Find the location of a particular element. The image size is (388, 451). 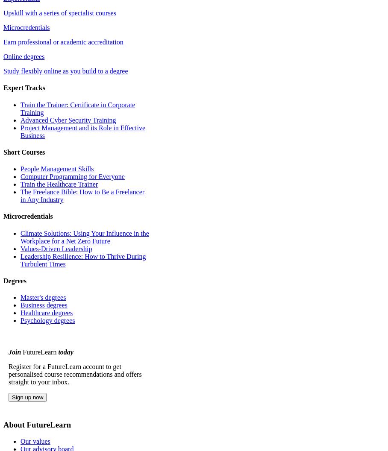

'Earn professional or academic accreditation' is located at coordinates (63, 41).